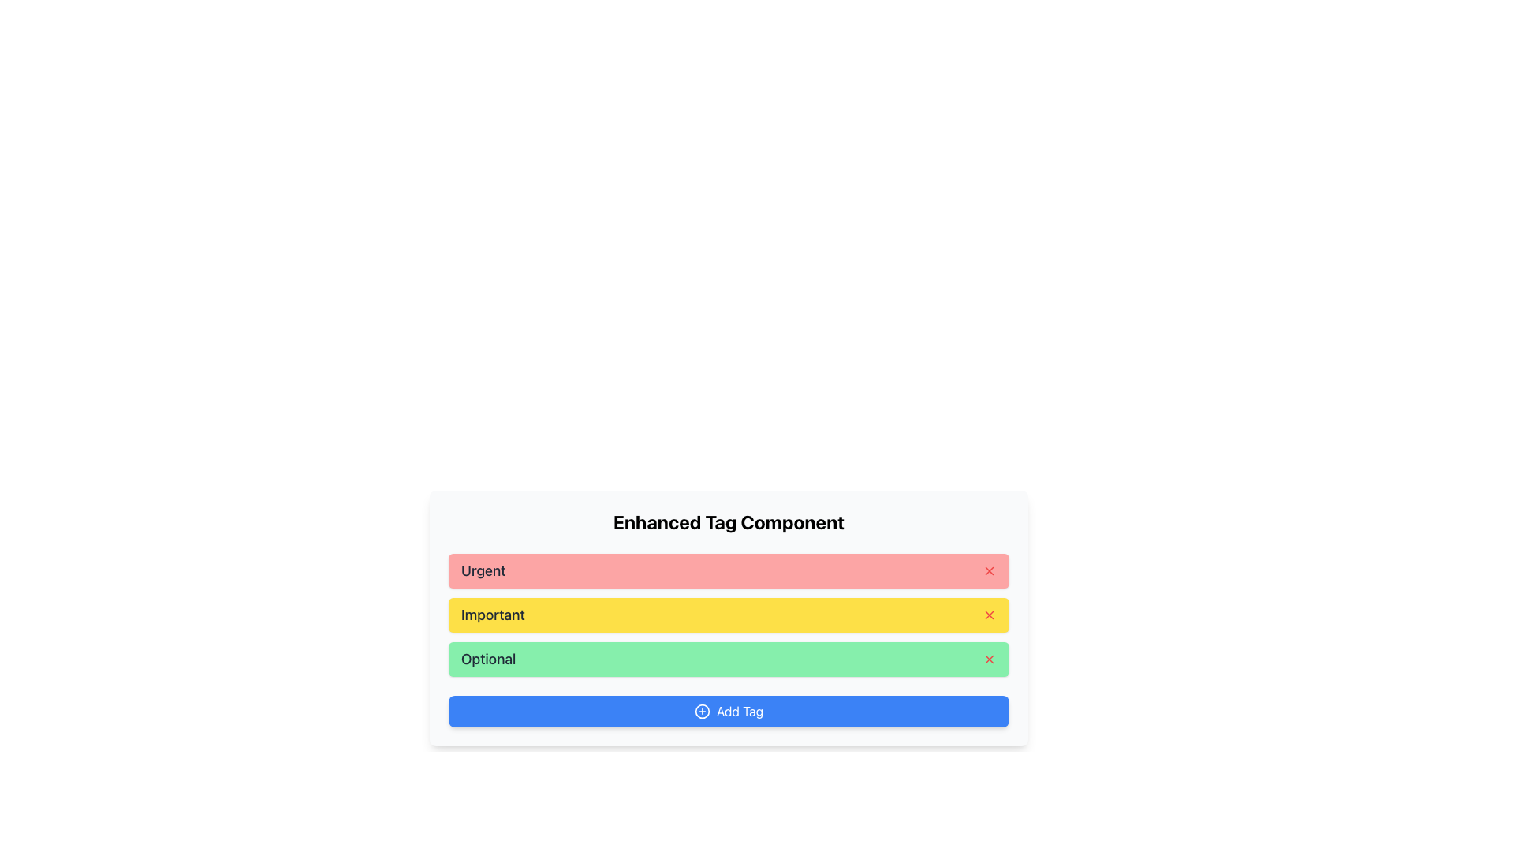 This screenshot has width=1514, height=852. Describe the element at coordinates (728, 712) in the screenshot. I see `the interactive button located at the bottom of the 'Enhanced Tag Component' section` at that location.